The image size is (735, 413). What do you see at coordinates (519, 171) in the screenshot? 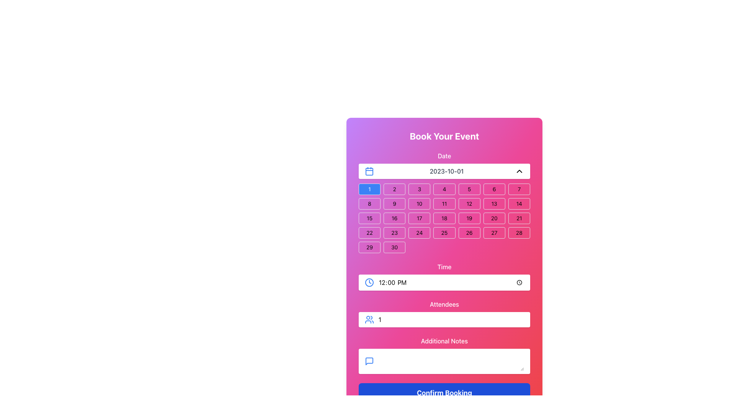
I see `the triangular-shaped button located to the far right of the 'Date' input section, next to the text '2023-10-01'` at bounding box center [519, 171].